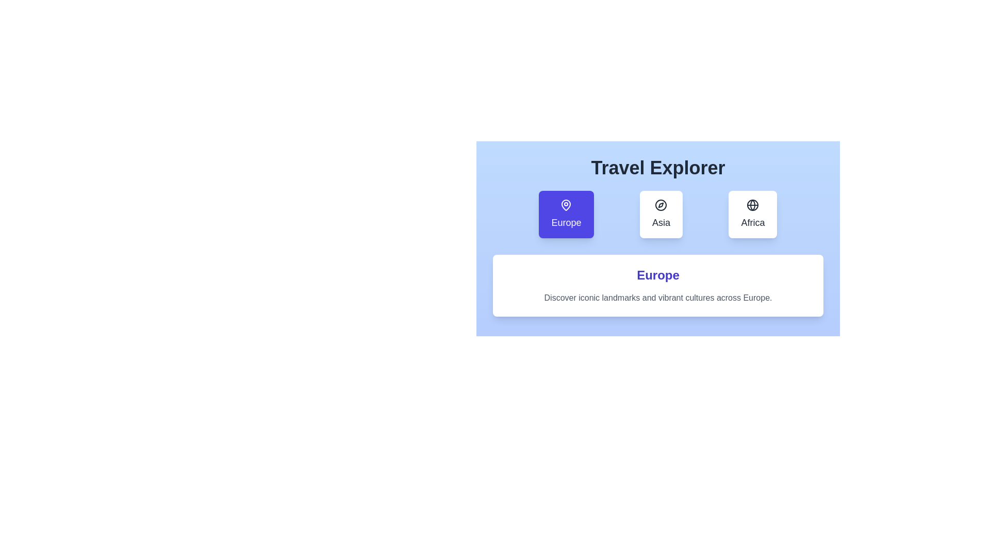 This screenshot has height=557, width=990. Describe the element at coordinates (566, 222) in the screenshot. I see `the static text label for the button indicating 'Europe' as a travel destination, which is positioned towards the upper left within the interface` at that location.